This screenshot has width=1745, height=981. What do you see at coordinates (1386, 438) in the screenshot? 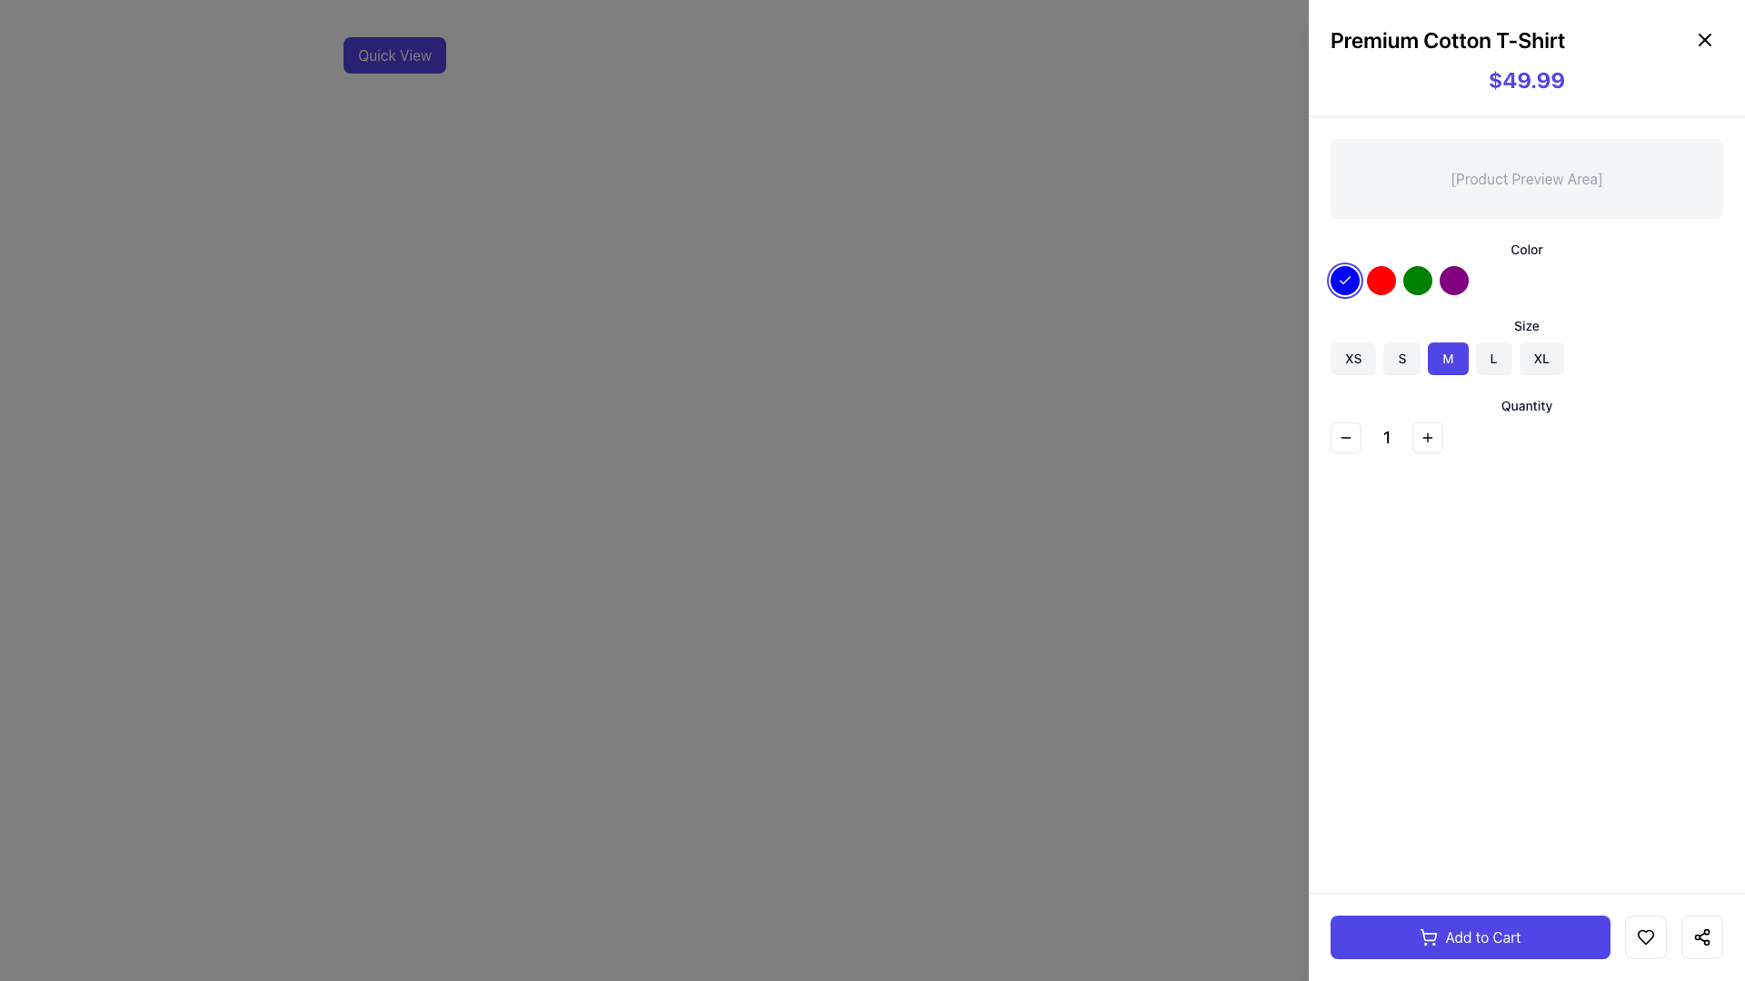
I see `the text label displaying the quantity` at bounding box center [1386, 438].